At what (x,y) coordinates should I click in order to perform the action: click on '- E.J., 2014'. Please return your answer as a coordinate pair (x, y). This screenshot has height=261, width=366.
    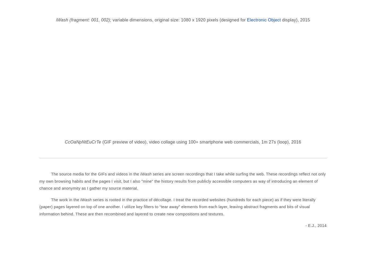
    Looking at the image, I should click on (316, 225).